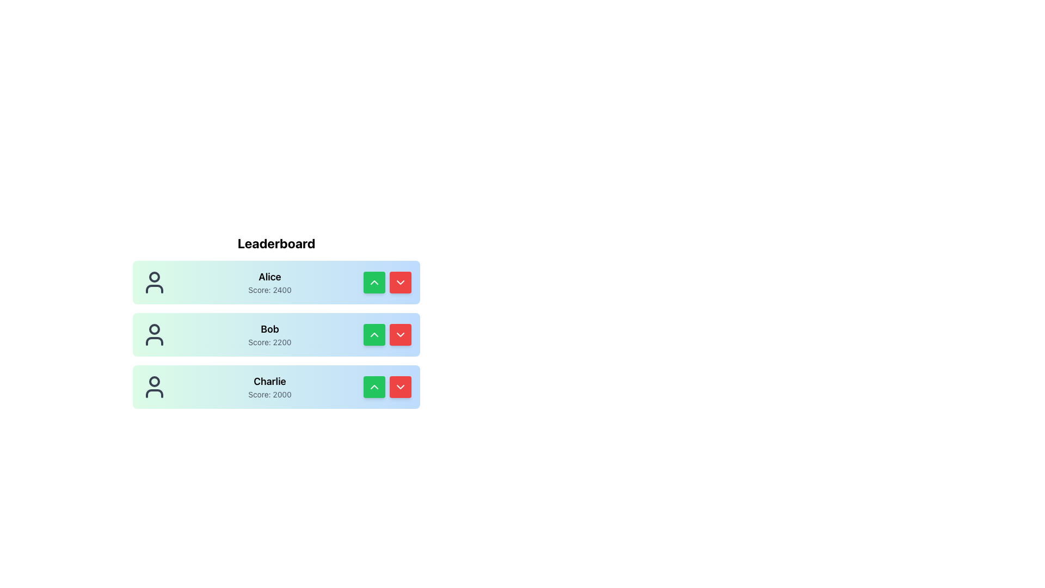  What do you see at coordinates (269, 381) in the screenshot?
I see `the text label displaying the name 'Charlie' within the leaderboard interface, which is centered above the score label 'Score: 2000'` at bounding box center [269, 381].